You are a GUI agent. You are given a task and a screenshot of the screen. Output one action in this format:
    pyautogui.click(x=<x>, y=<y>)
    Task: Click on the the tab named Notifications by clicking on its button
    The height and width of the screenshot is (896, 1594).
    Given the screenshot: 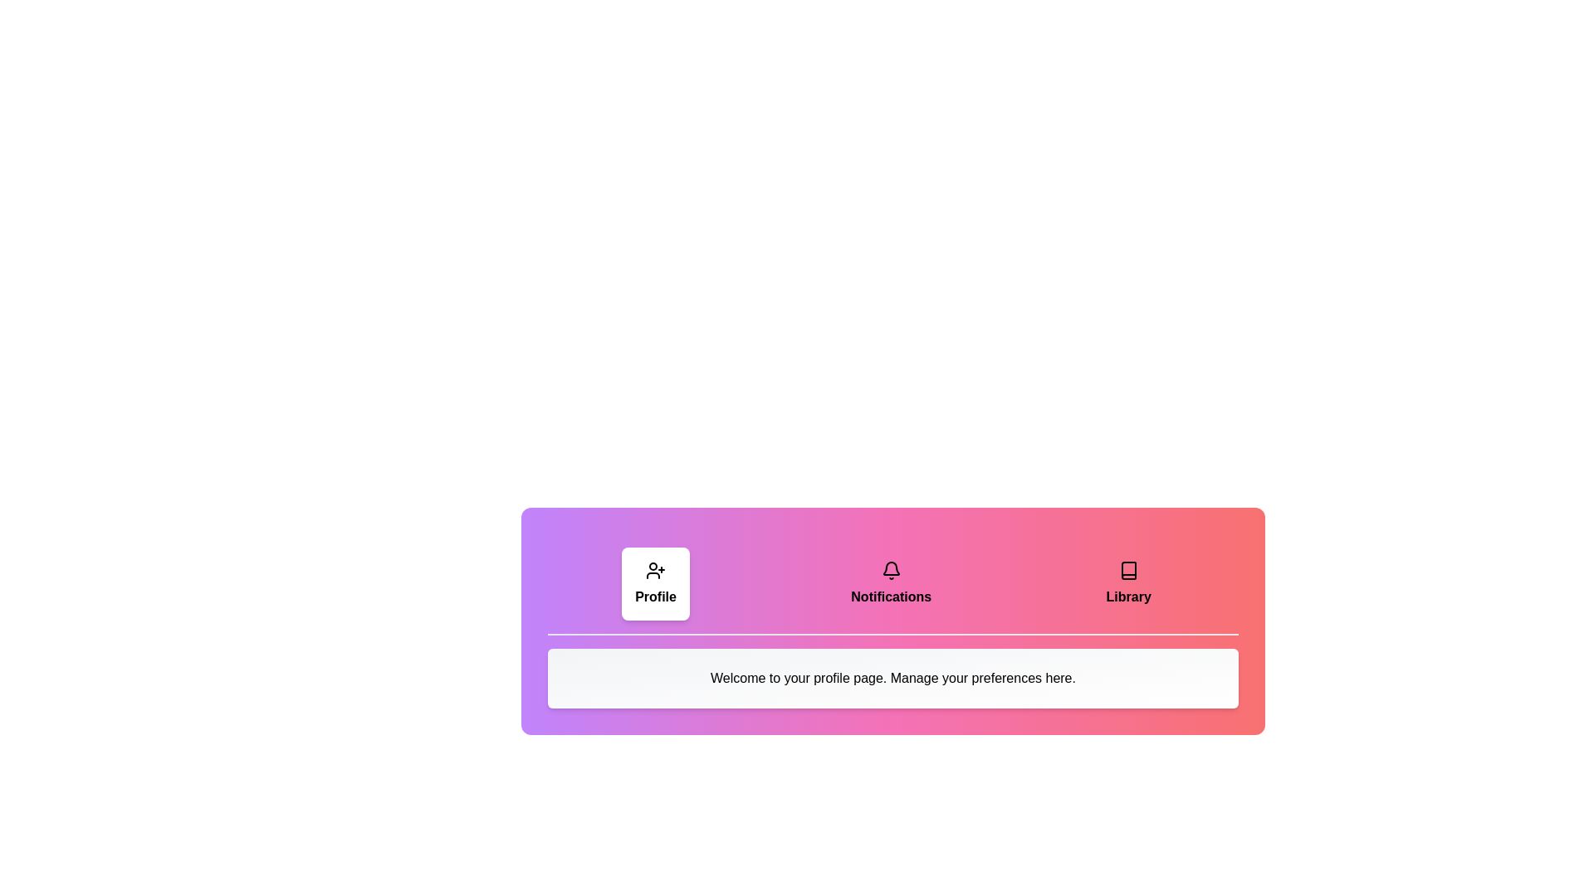 What is the action you would take?
    pyautogui.click(x=890, y=583)
    